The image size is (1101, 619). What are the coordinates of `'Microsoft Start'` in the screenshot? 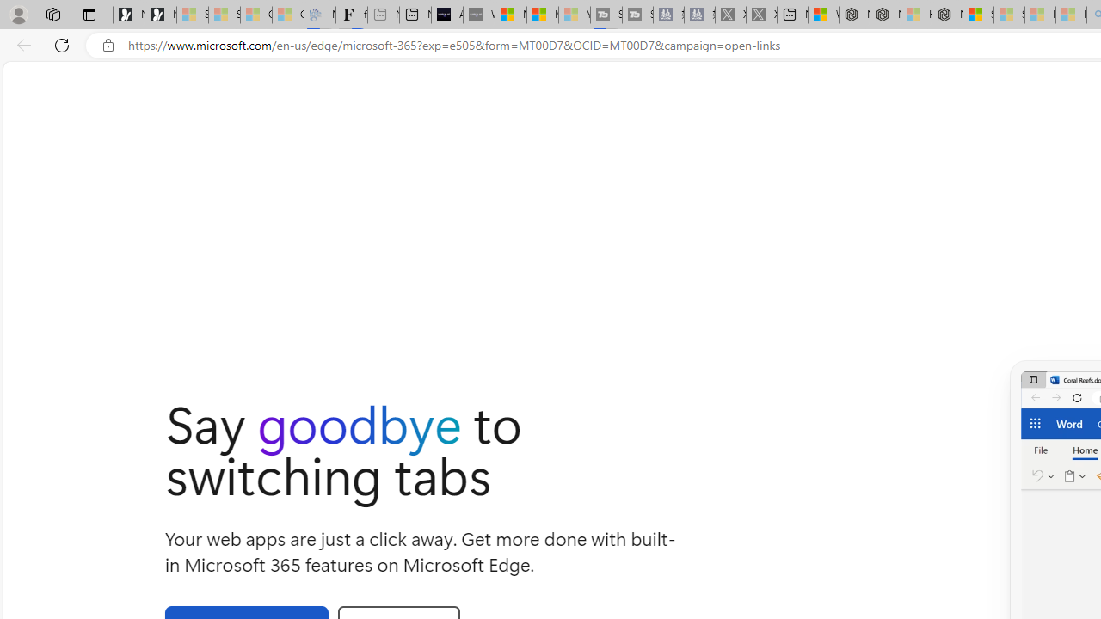 It's located at (542, 15).